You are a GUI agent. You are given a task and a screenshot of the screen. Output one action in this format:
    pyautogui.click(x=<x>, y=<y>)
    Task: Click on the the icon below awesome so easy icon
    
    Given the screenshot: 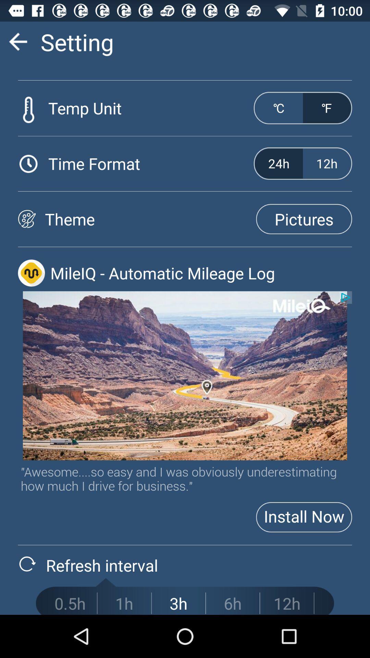 What is the action you would take?
    pyautogui.click(x=304, y=517)
    